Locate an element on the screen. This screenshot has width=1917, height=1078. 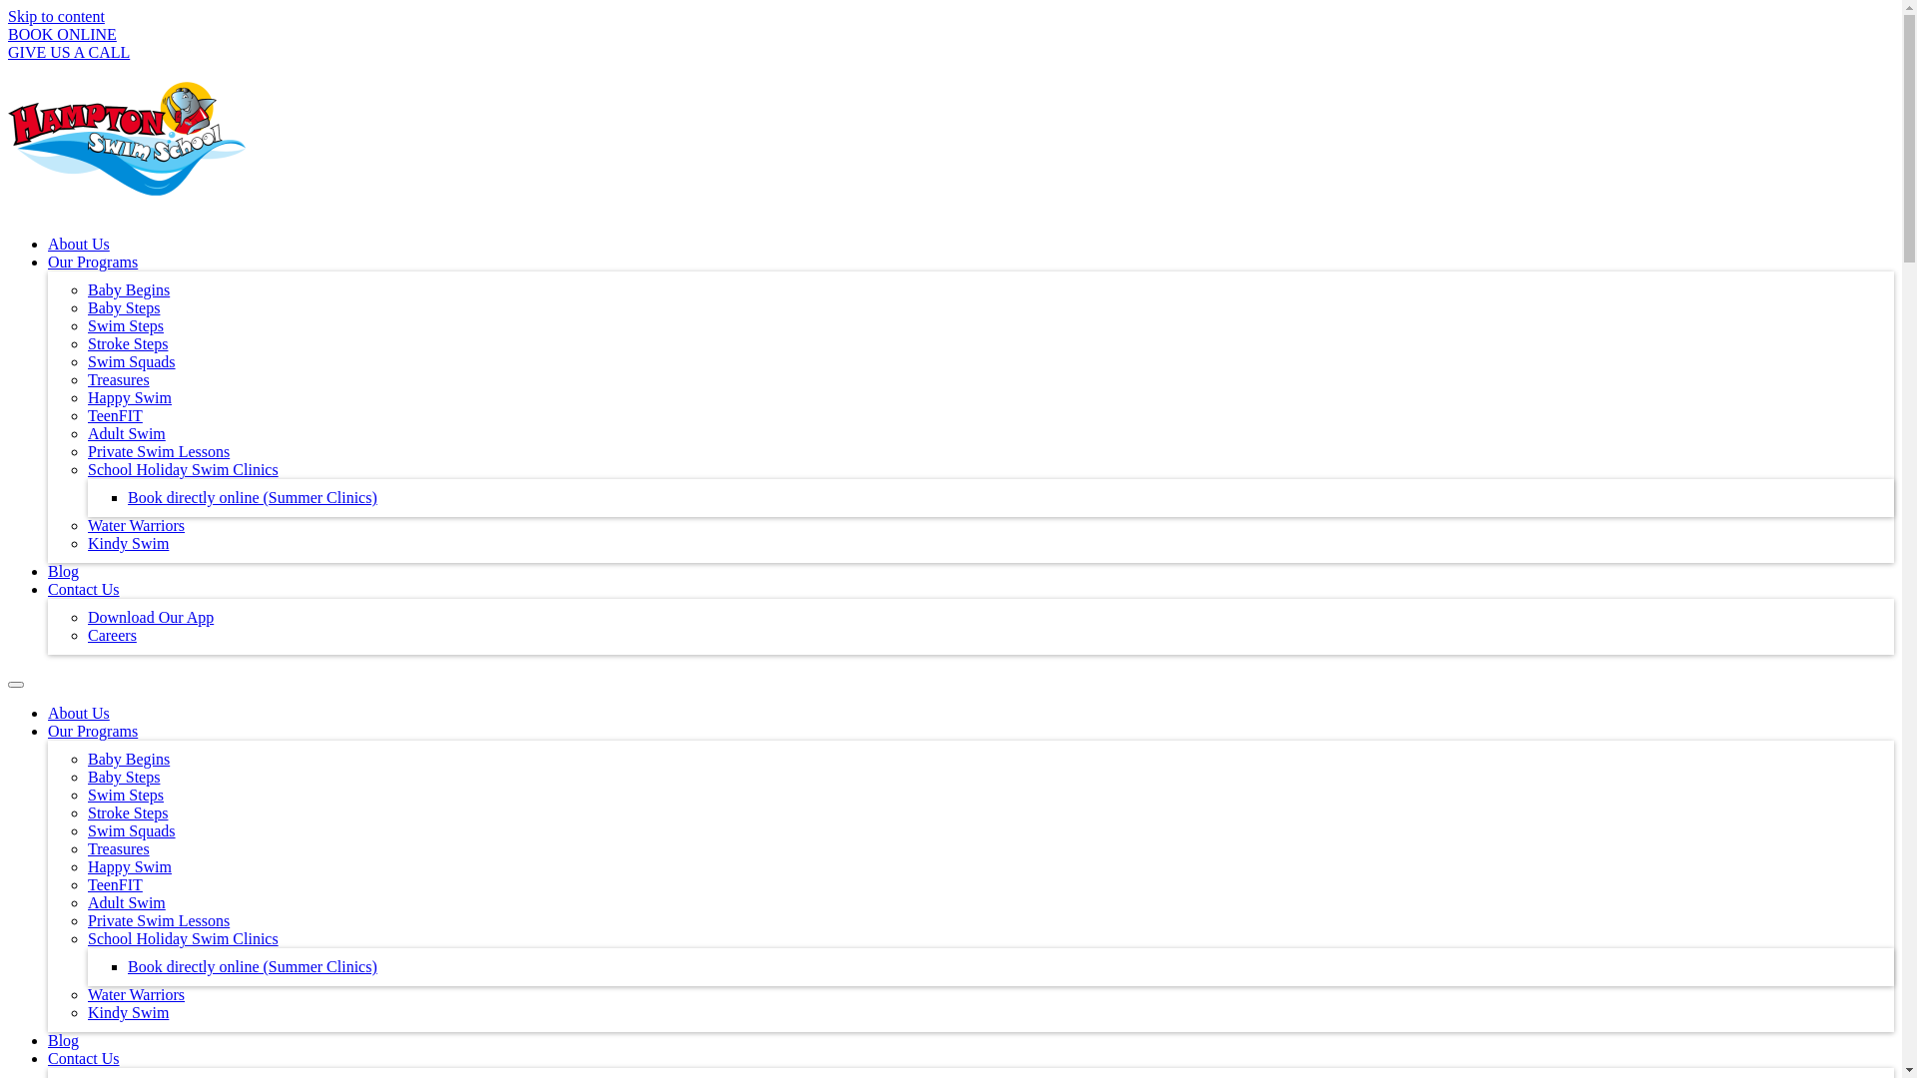
'Swim Steps' is located at coordinates (124, 794).